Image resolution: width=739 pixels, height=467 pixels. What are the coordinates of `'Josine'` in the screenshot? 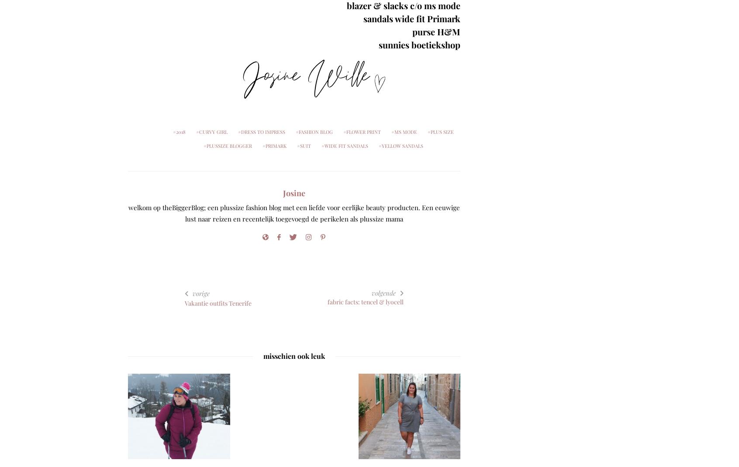 It's located at (294, 193).